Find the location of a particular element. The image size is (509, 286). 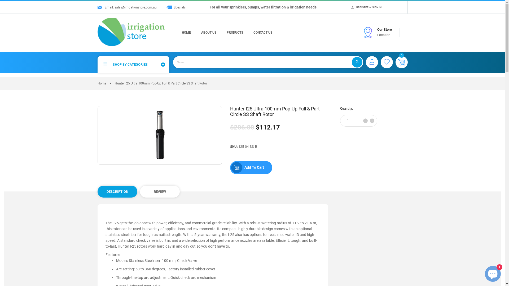

'Specials' is located at coordinates (173, 7).